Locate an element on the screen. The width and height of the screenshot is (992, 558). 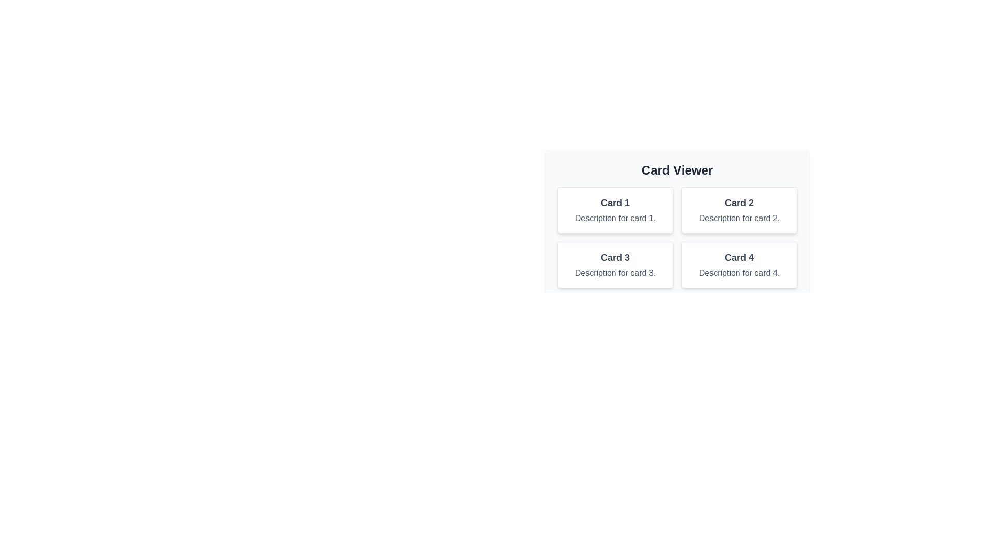
the title text inside the third card located at the bottom-left corner of a 2x2 grid of cards is located at coordinates (615, 257).